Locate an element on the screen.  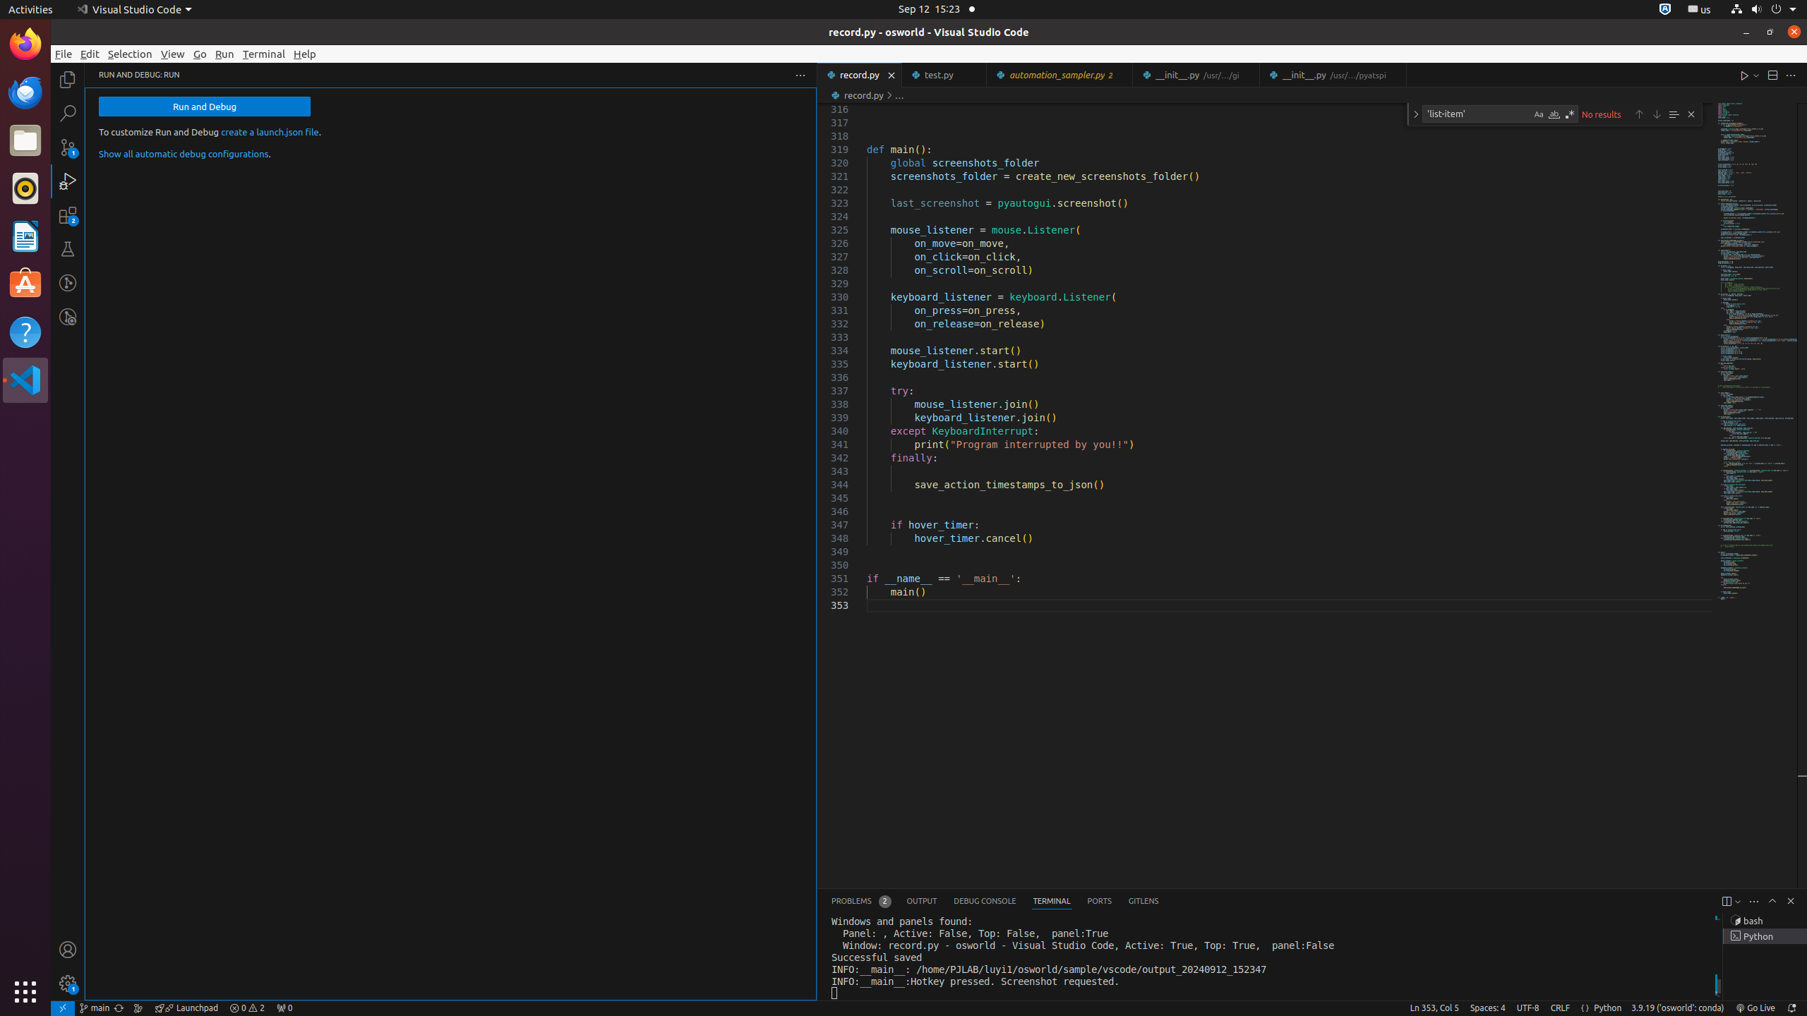
'Selection' is located at coordinates (129, 54).